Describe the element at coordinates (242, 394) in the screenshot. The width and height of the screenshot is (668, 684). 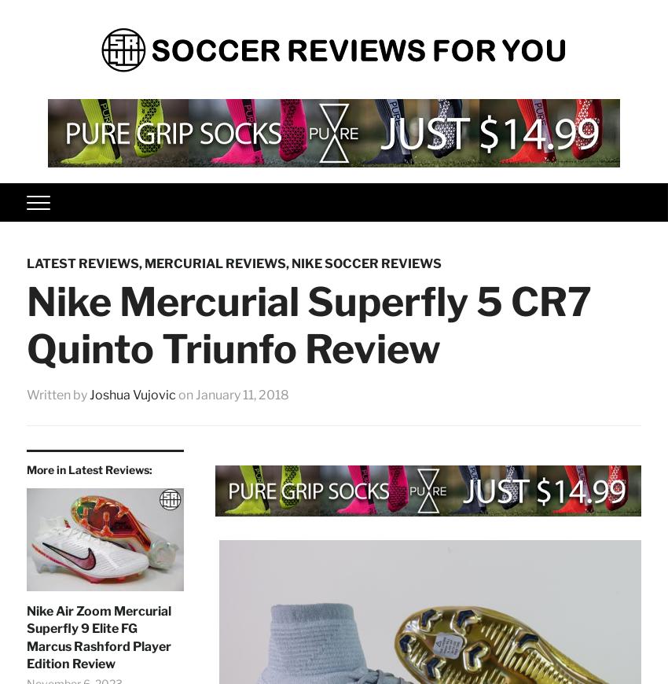
I see `'January 11, 2018'` at that location.